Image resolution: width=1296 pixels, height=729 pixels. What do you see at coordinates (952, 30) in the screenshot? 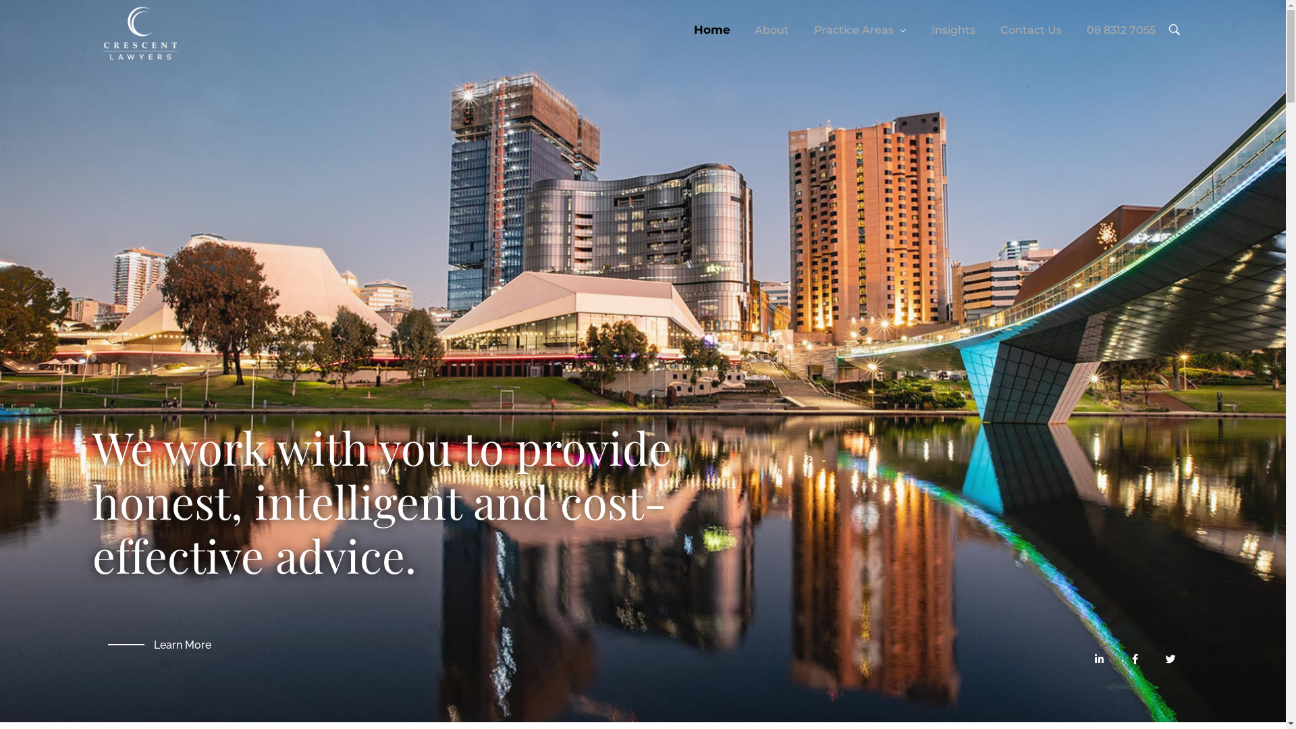
I see `'Insights'` at bounding box center [952, 30].